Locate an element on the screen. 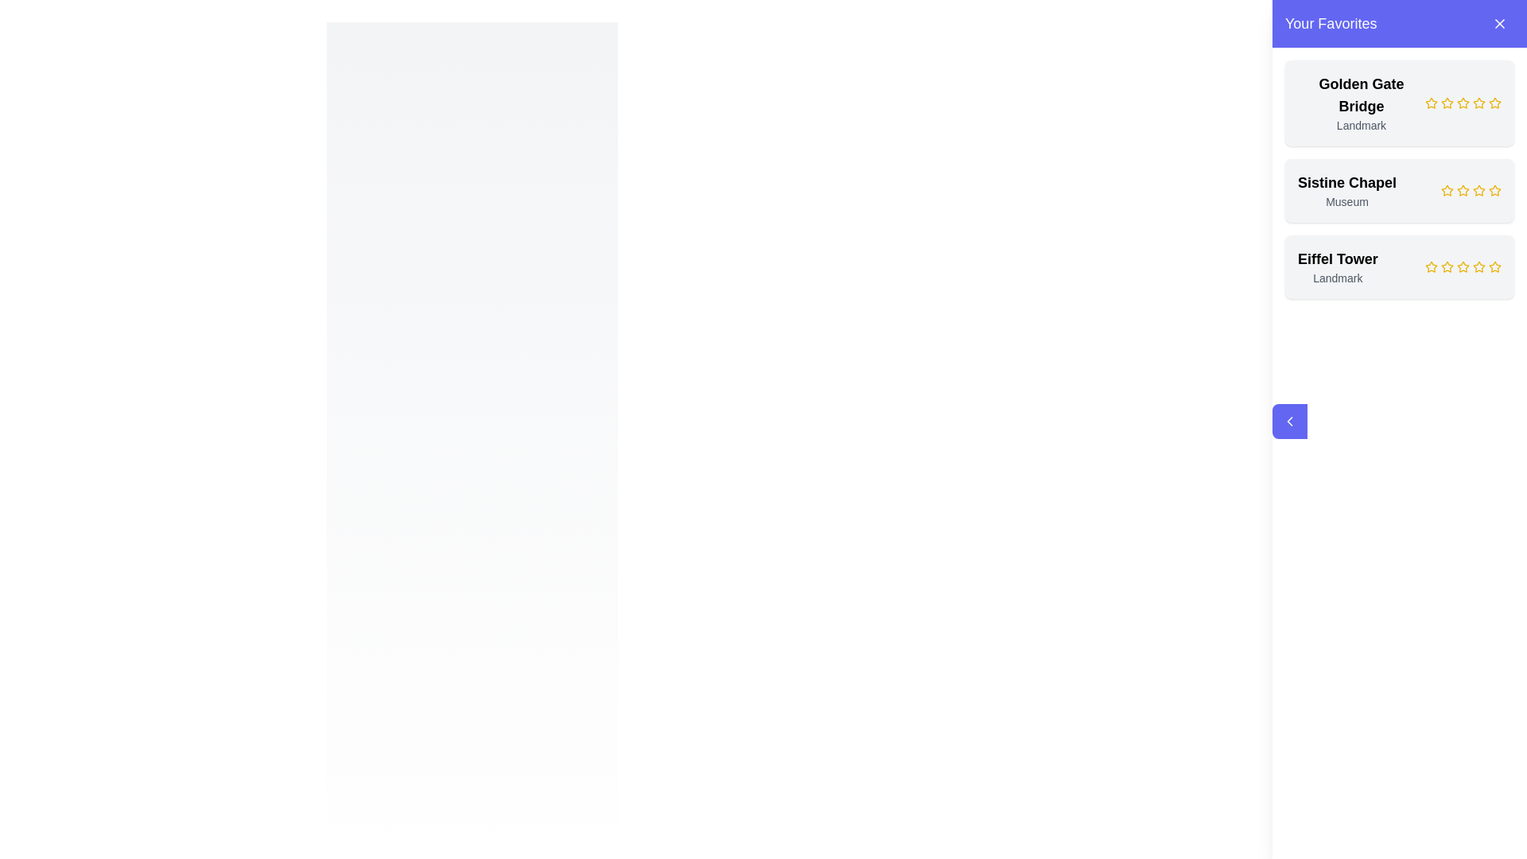 The height and width of the screenshot is (859, 1527). the text label displaying 'Golden Gate Bridge' in bold with the word 'Landmark' below it, located in the 'Your Favorites' section is located at coordinates (1361, 103).